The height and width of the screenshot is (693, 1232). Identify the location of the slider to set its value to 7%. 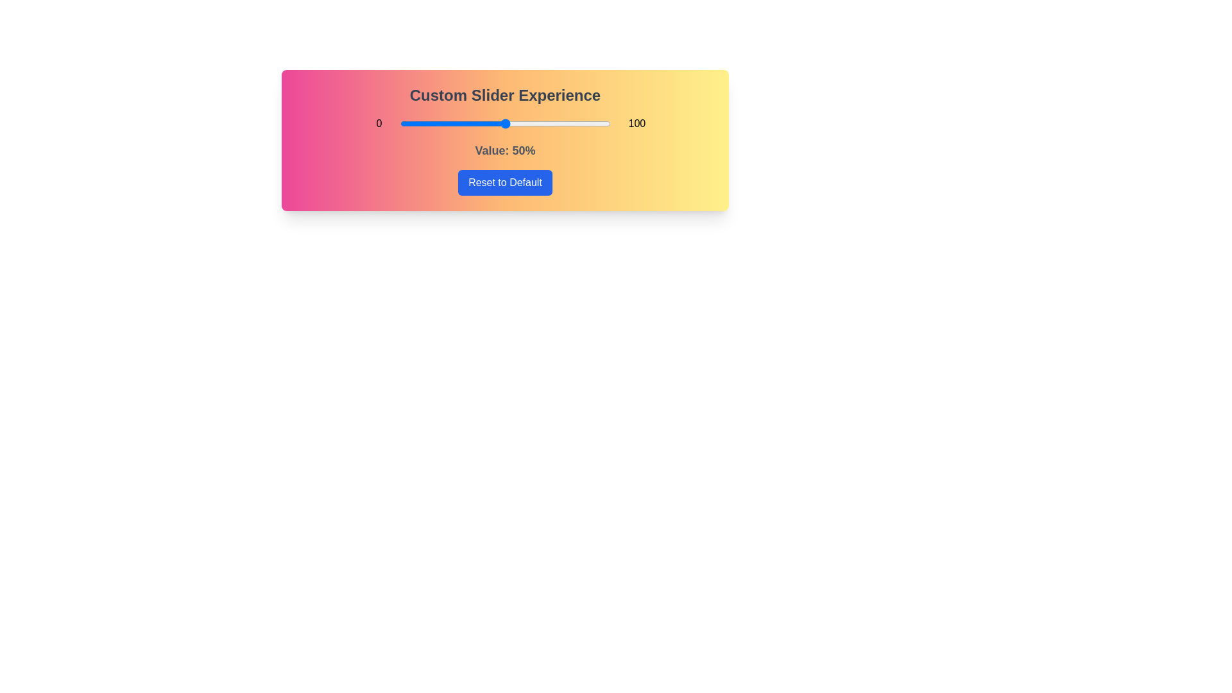
(415, 123).